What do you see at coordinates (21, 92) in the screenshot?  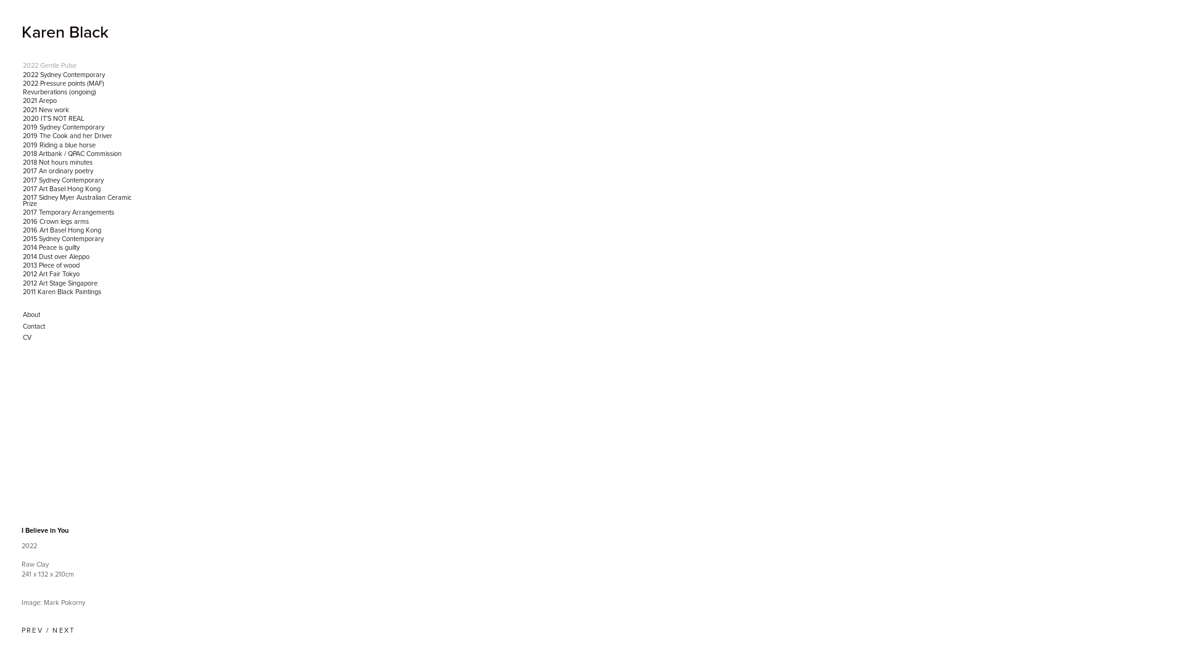 I see `'Revurberations (ongoing)'` at bounding box center [21, 92].